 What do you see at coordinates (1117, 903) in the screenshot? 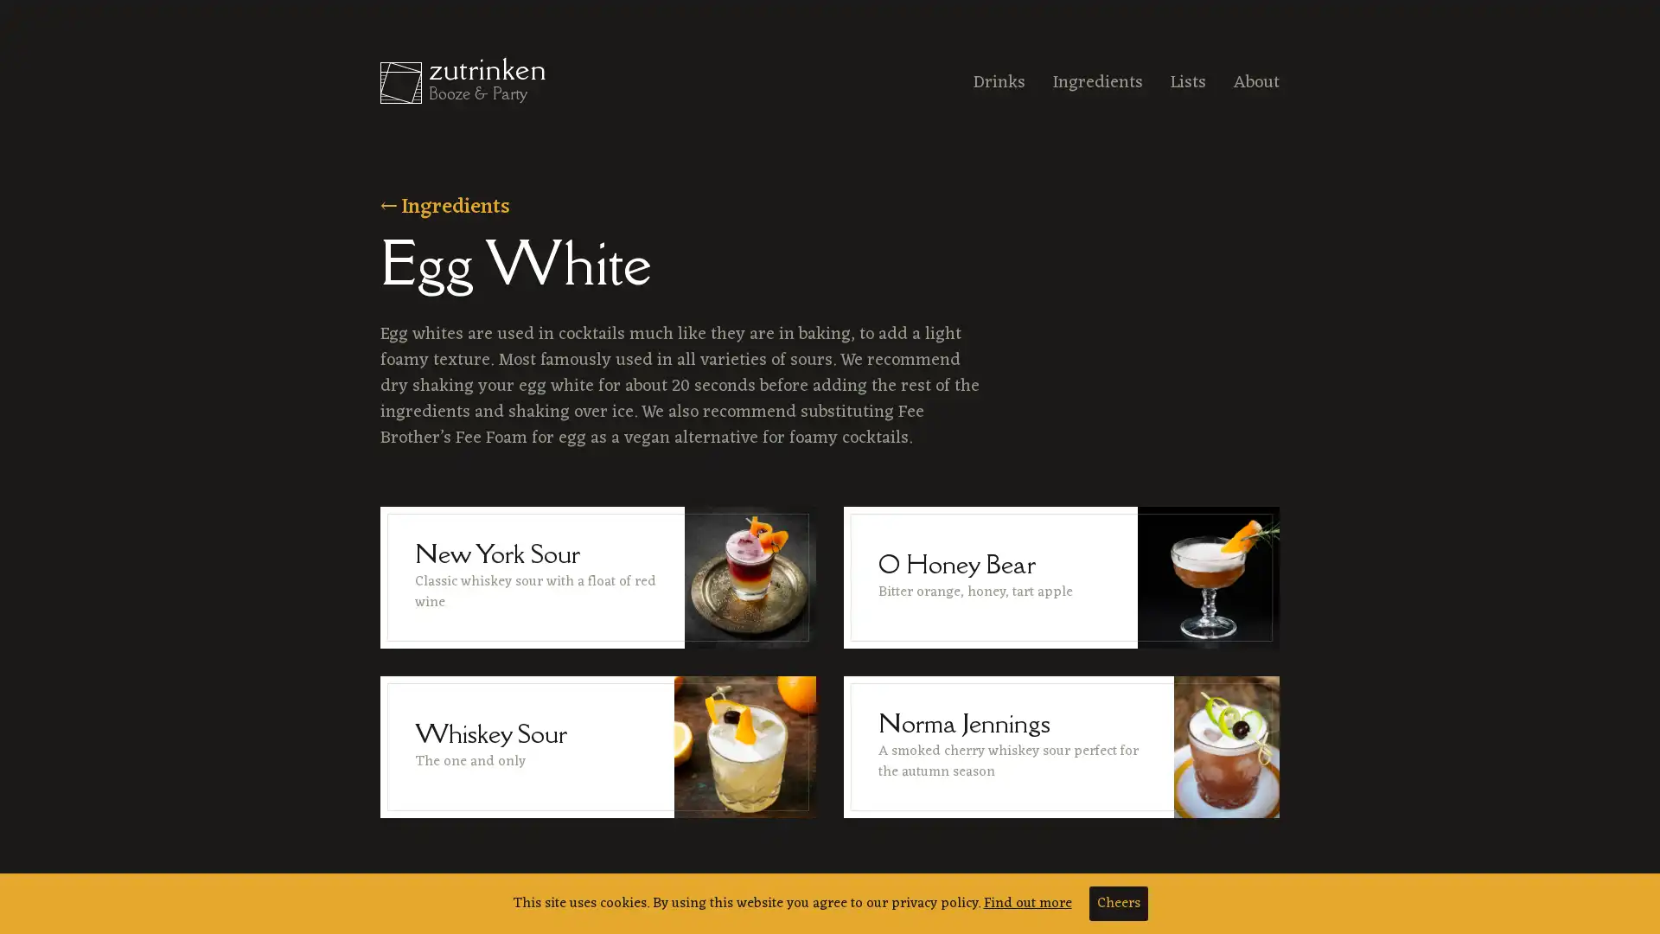
I see `Cheers` at bounding box center [1117, 903].